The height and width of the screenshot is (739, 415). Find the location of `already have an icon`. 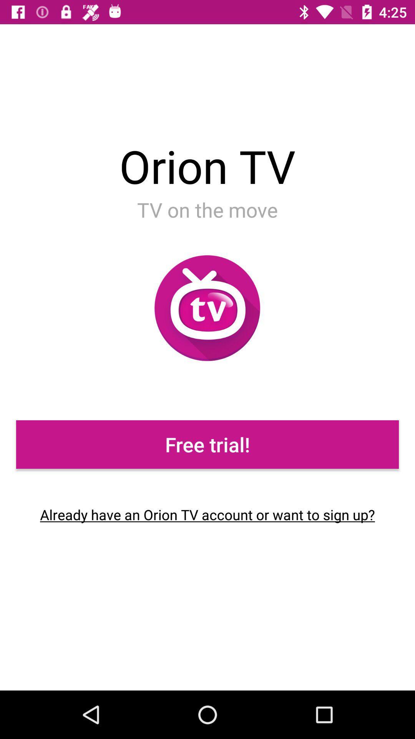

already have an icon is located at coordinates (207, 515).